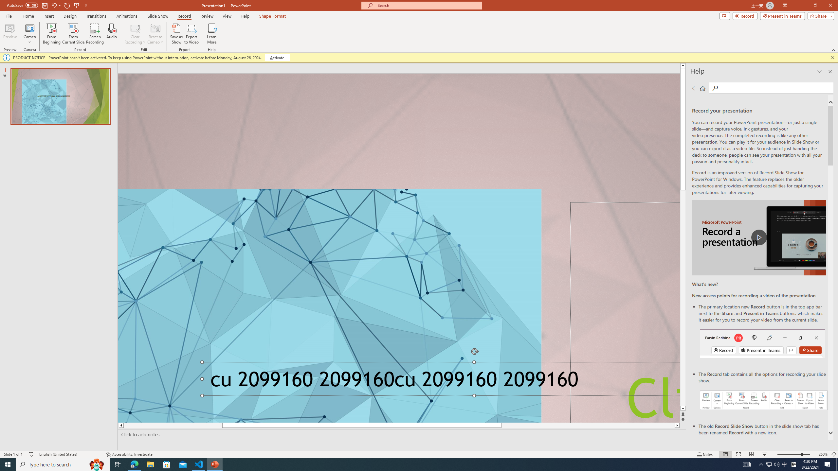 The image size is (838, 471). What do you see at coordinates (759, 237) in the screenshot?
I see `'play Record a Presentation'` at bounding box center [759, 237].